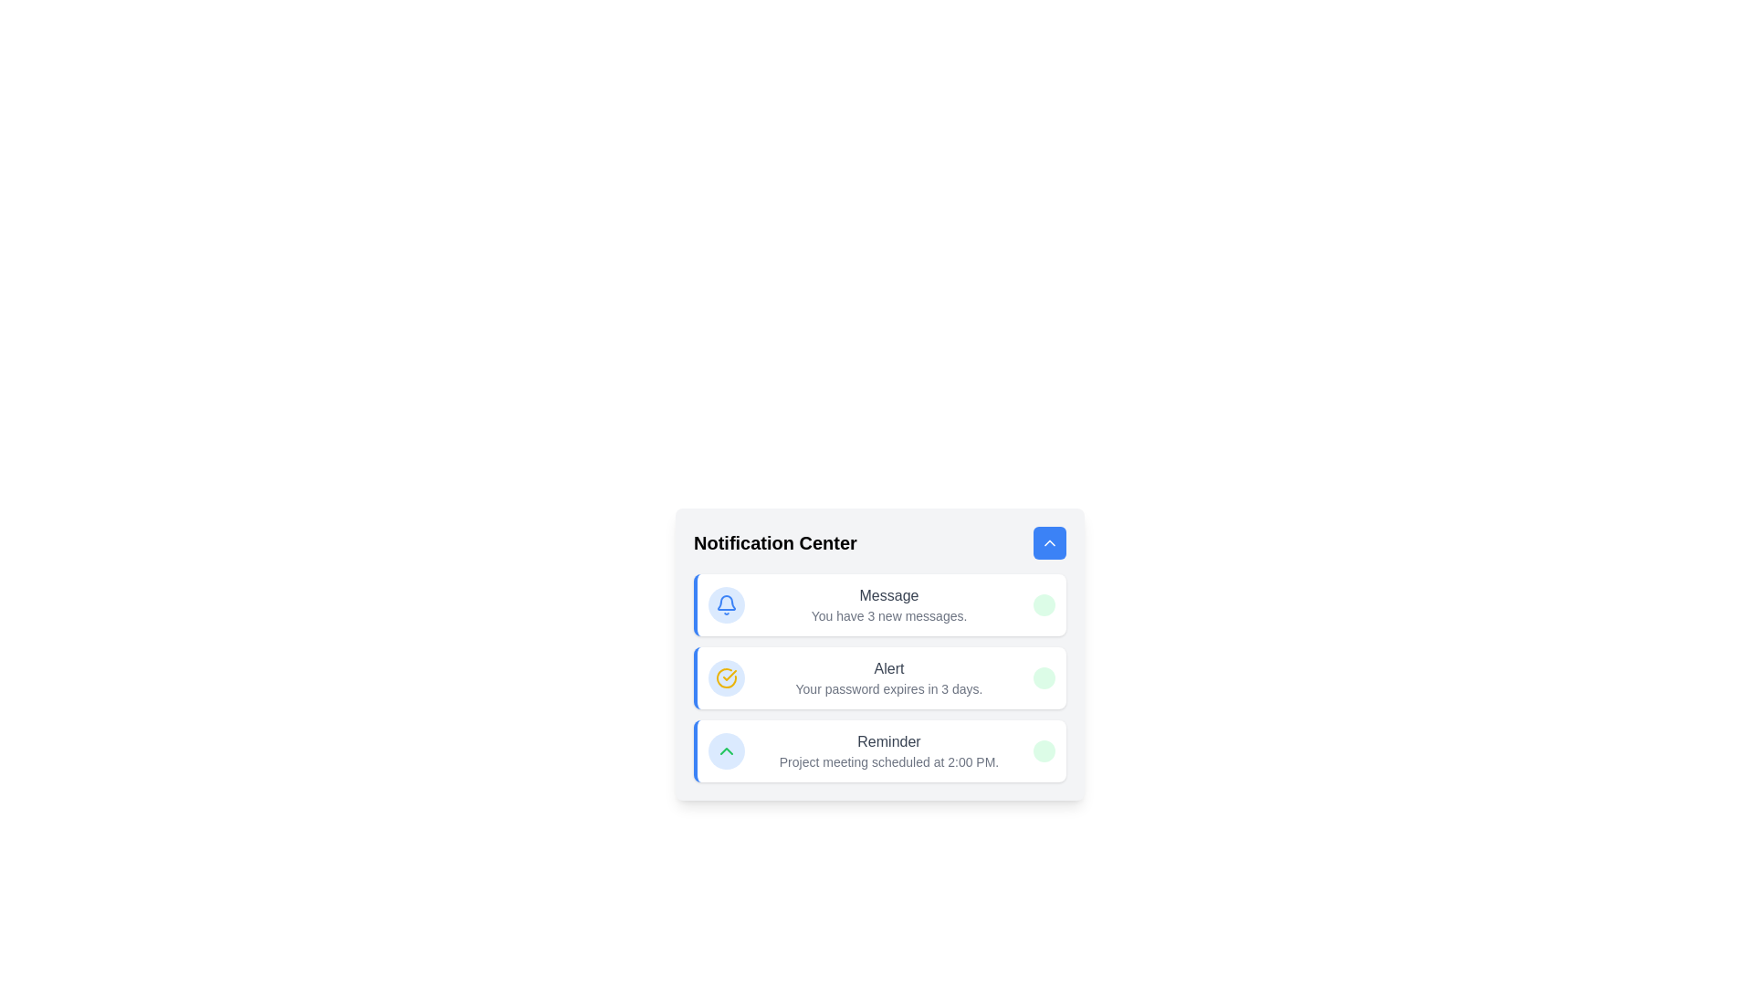 The image size is (1753, 986). What do you see at coordinates (1055, 682) in the screenshot?
I see `the circular status indicator with a greenish background located at the far right of the 'Alert' notification item, which indicates that 'Your password expires in 3 days.'` at bounding box center [1055, 682].